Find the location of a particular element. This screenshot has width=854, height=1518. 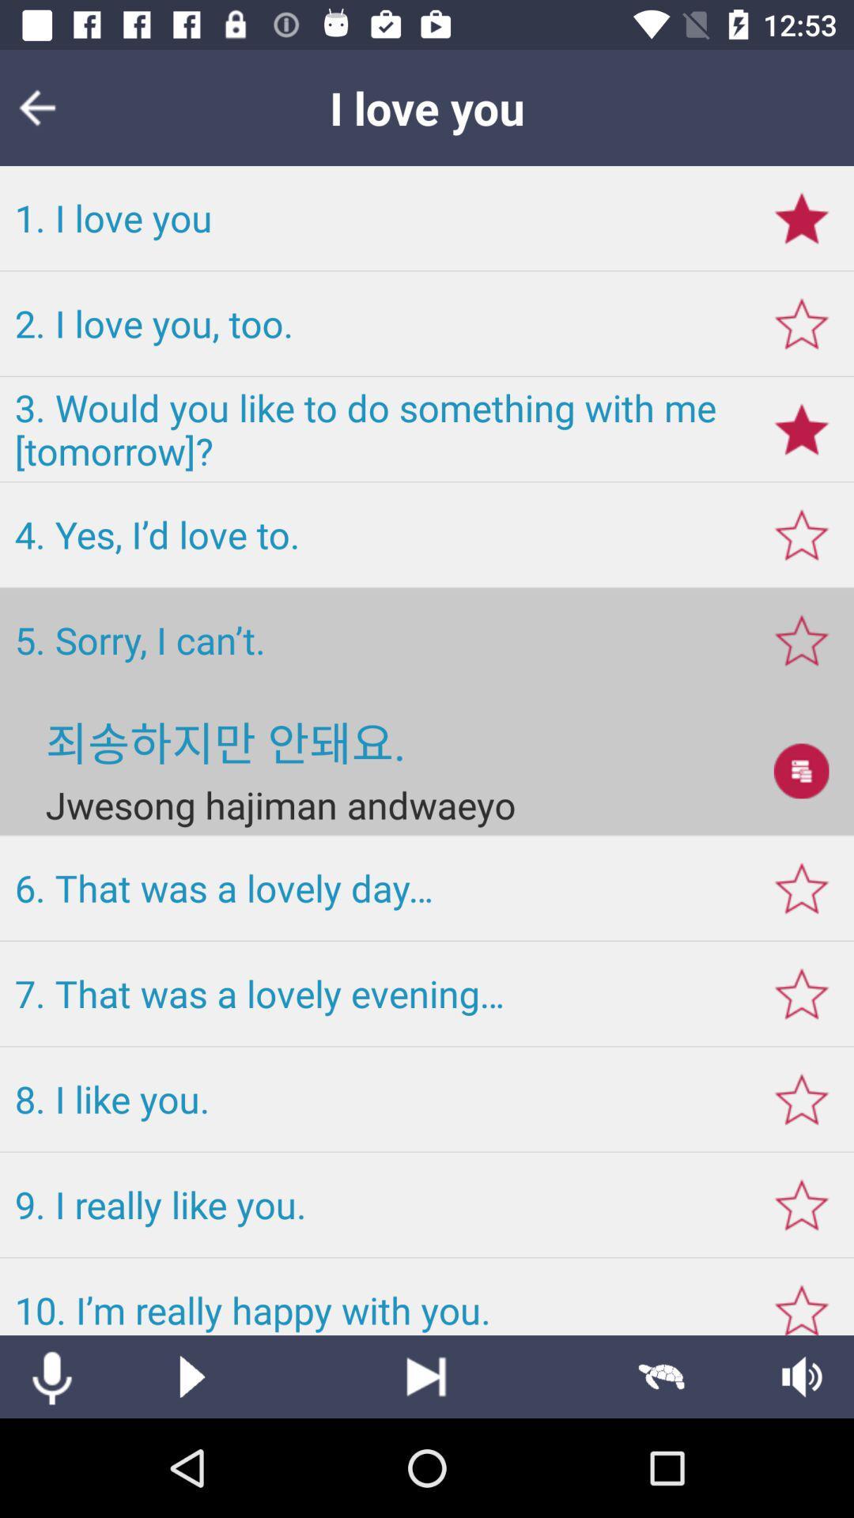

the volume icon is located at coordinates (802, 1376).